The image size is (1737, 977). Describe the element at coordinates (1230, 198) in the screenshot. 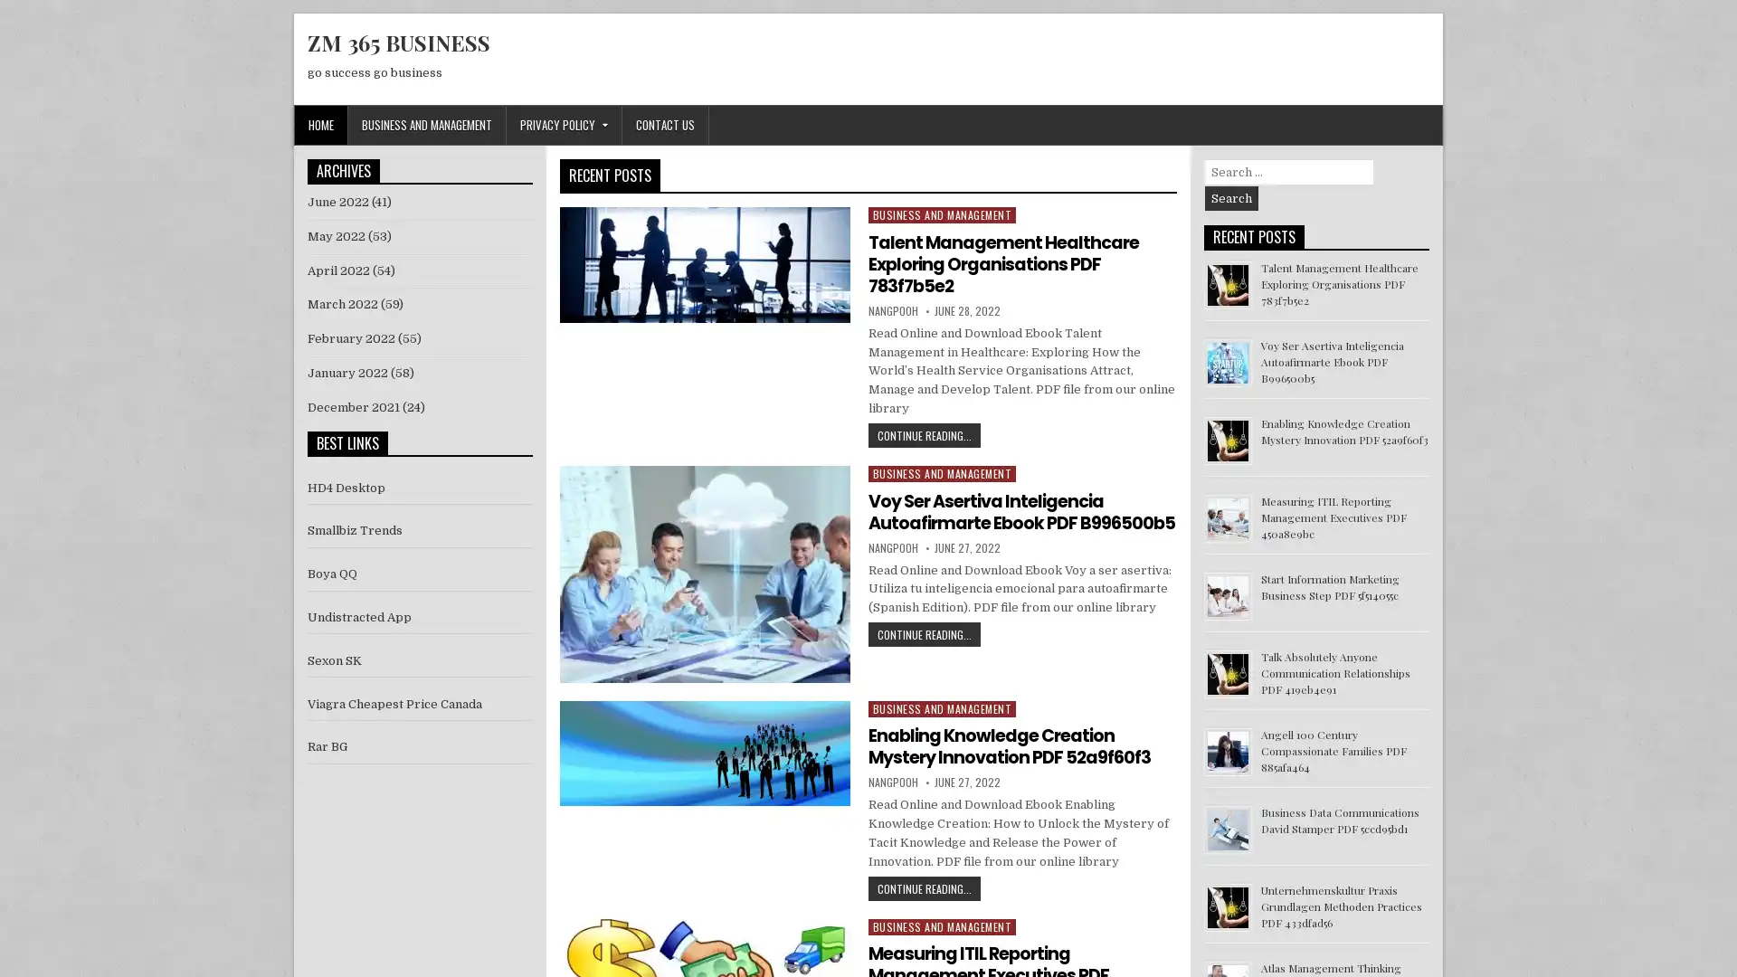

I see `Search` at that location.